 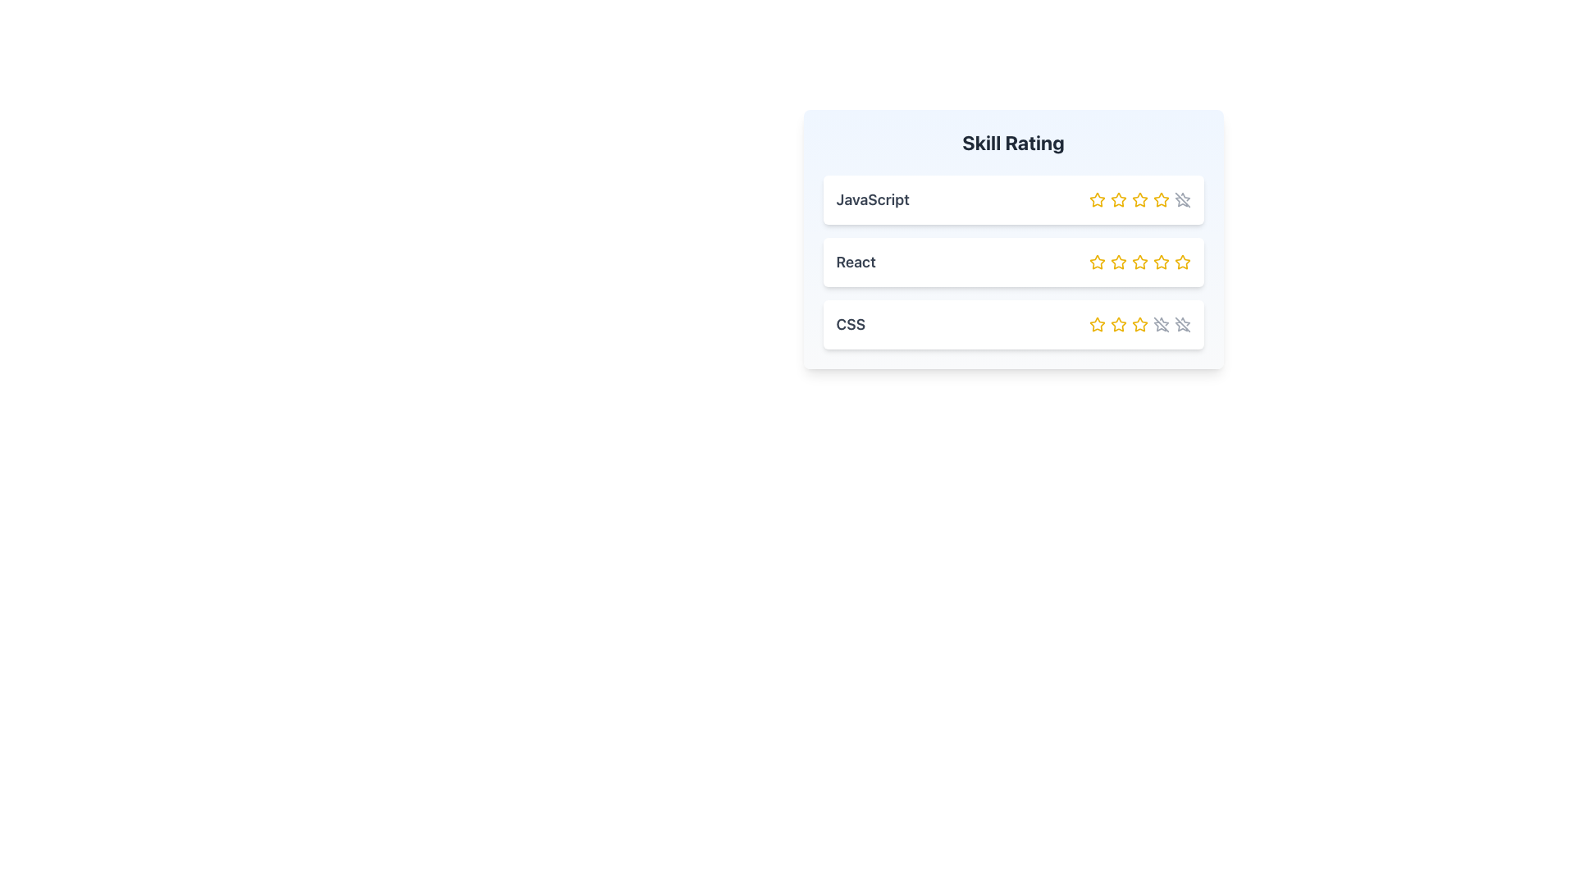 I want to click on the fourth star in the five-star rating system for JavaScript, which indicates the user's rating or preference level, so click(x=1181, y=201).